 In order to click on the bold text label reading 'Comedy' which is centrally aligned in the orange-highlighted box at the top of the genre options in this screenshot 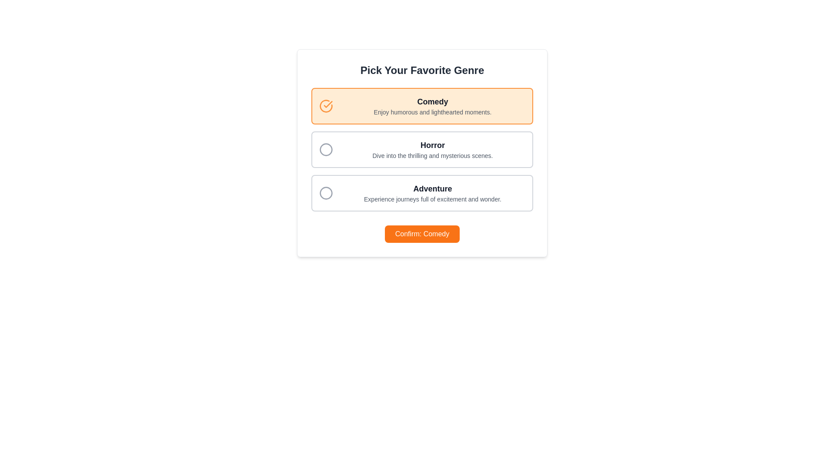, I will do `click(432, 101)`.